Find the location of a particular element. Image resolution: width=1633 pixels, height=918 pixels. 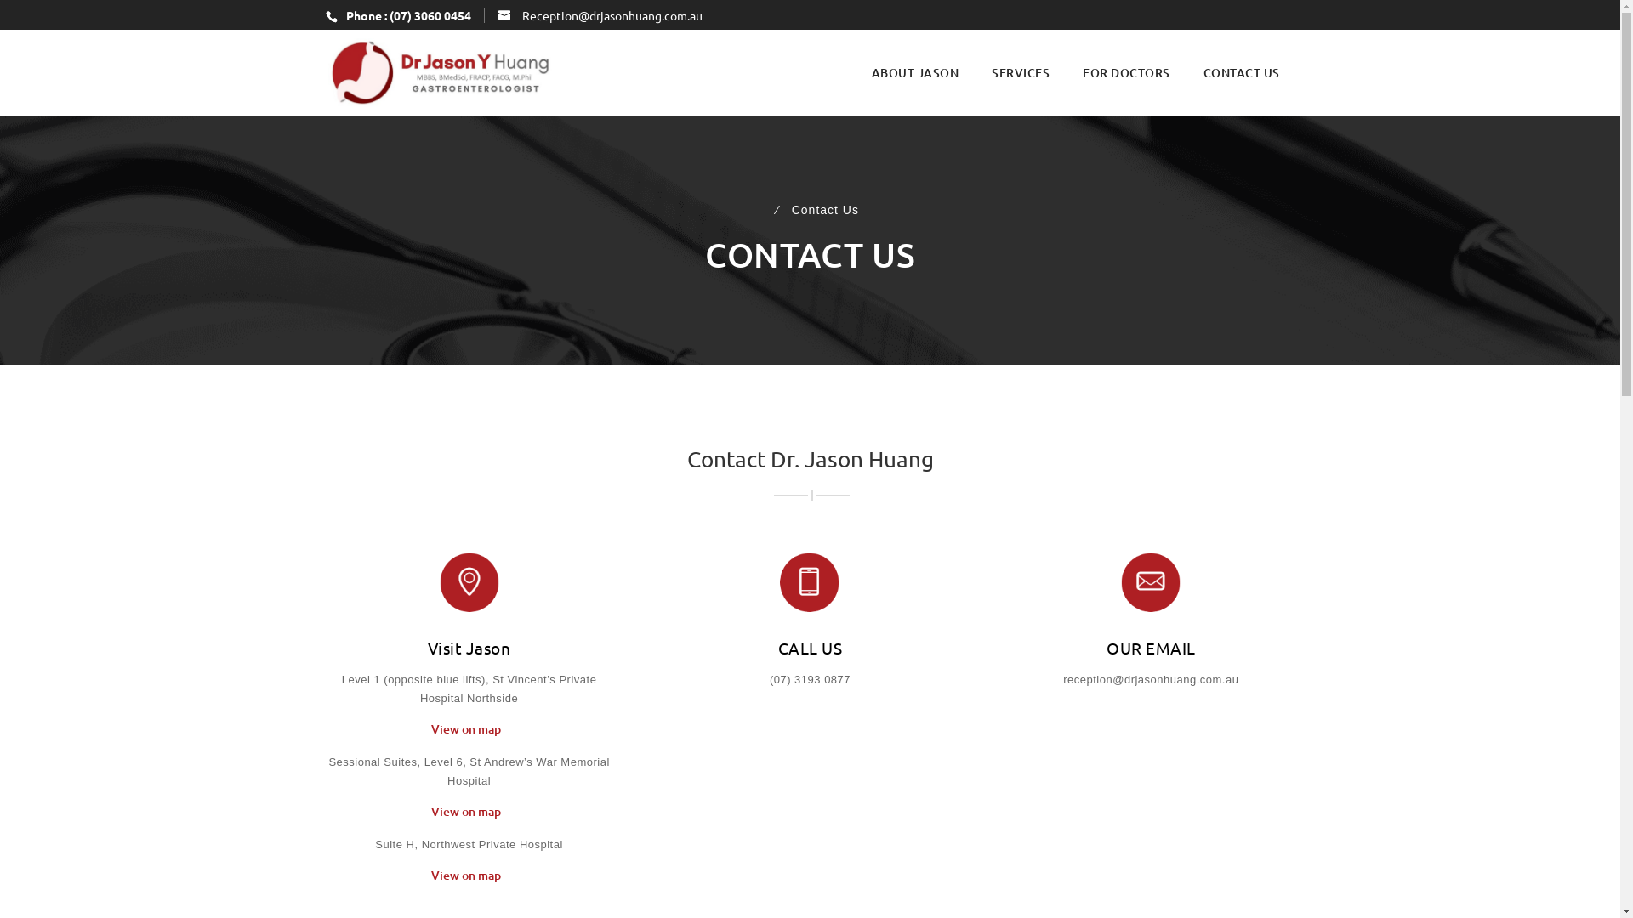

'View on map' is located at coordinates (469, 735).